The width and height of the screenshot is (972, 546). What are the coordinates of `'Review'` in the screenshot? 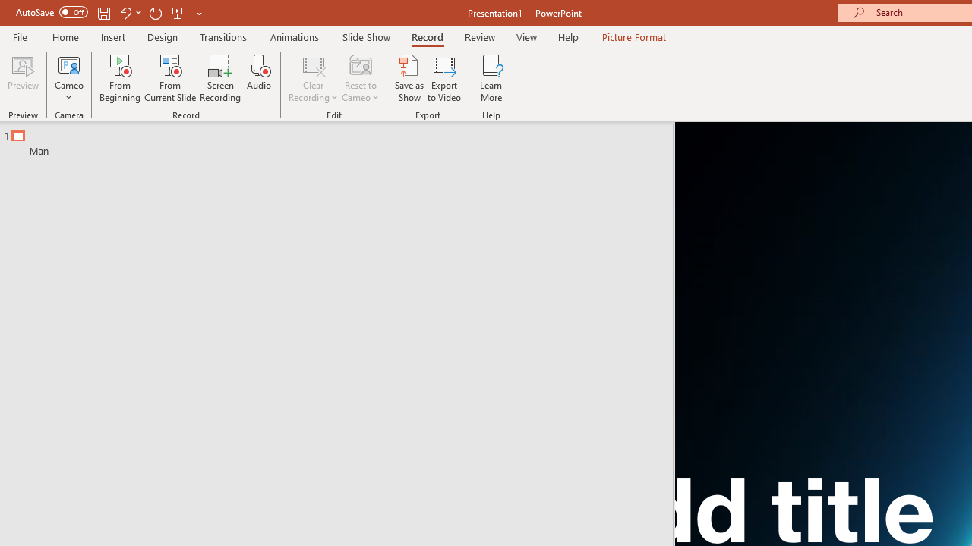 It's located at (478, 36).